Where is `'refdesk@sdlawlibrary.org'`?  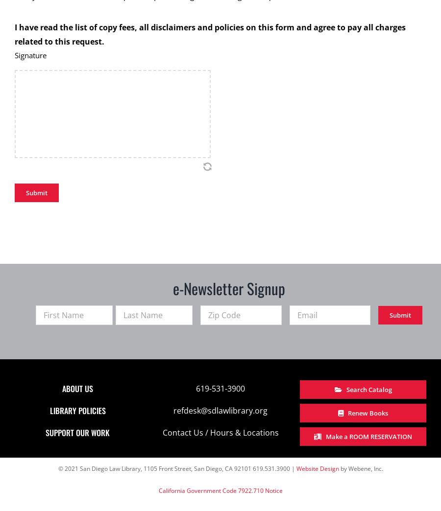
'refdesk@sdlawlibrary.org' is located at coordinates (220, 410).